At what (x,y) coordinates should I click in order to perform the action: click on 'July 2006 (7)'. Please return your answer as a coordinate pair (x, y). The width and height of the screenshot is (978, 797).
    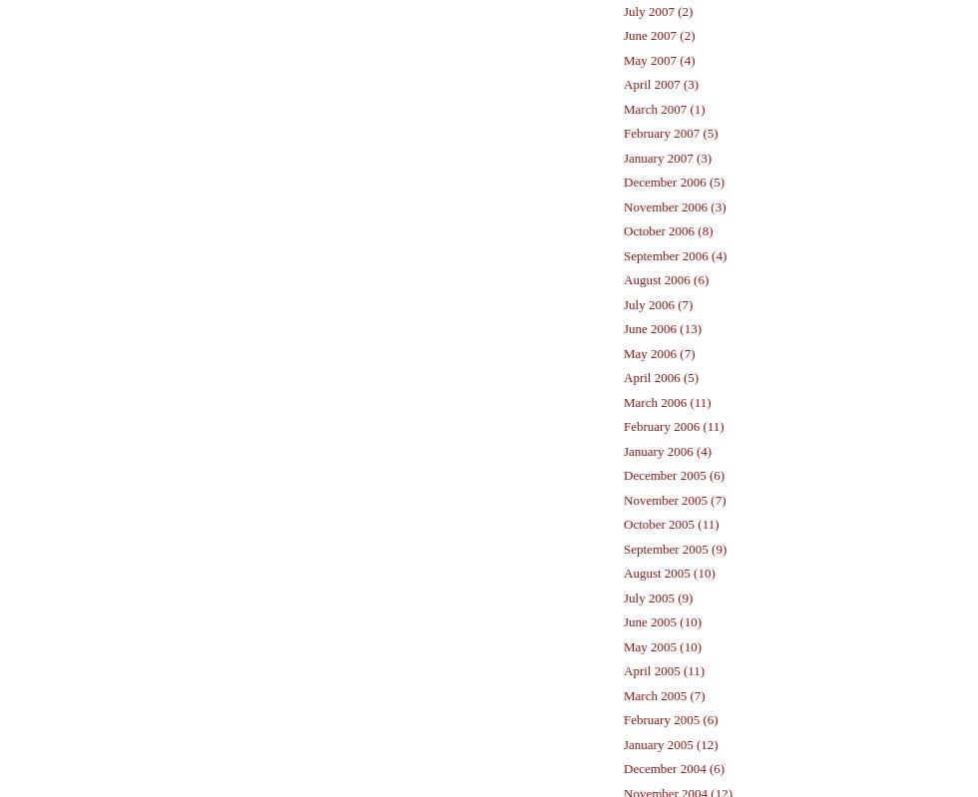
    Looking at the image, I should click on (658, 302).